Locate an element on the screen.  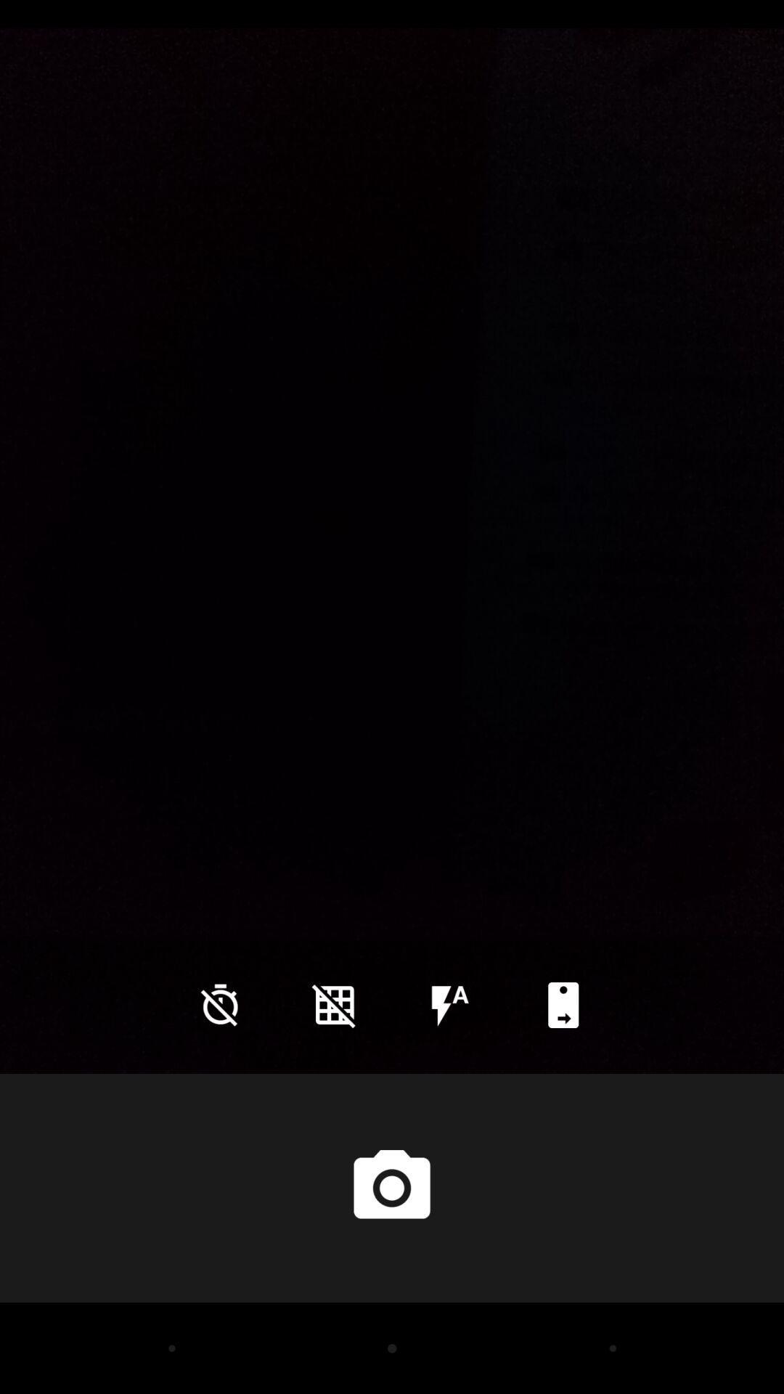
item at the bottom left corner is located at coordinates (220, 1004).